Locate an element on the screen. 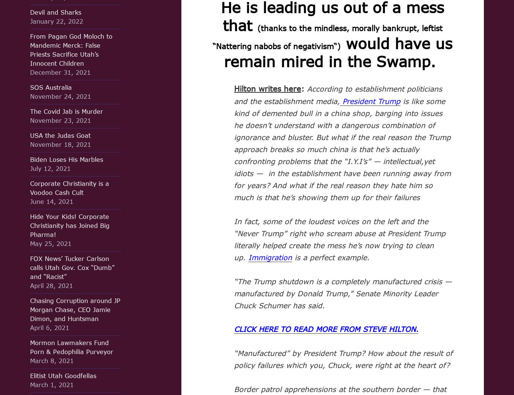 The height and width of the screenshot is (395, 514). 'CLICK HERE TO READ MORE FROM STEVE HILTON.' is located at coordinates (326, 329).